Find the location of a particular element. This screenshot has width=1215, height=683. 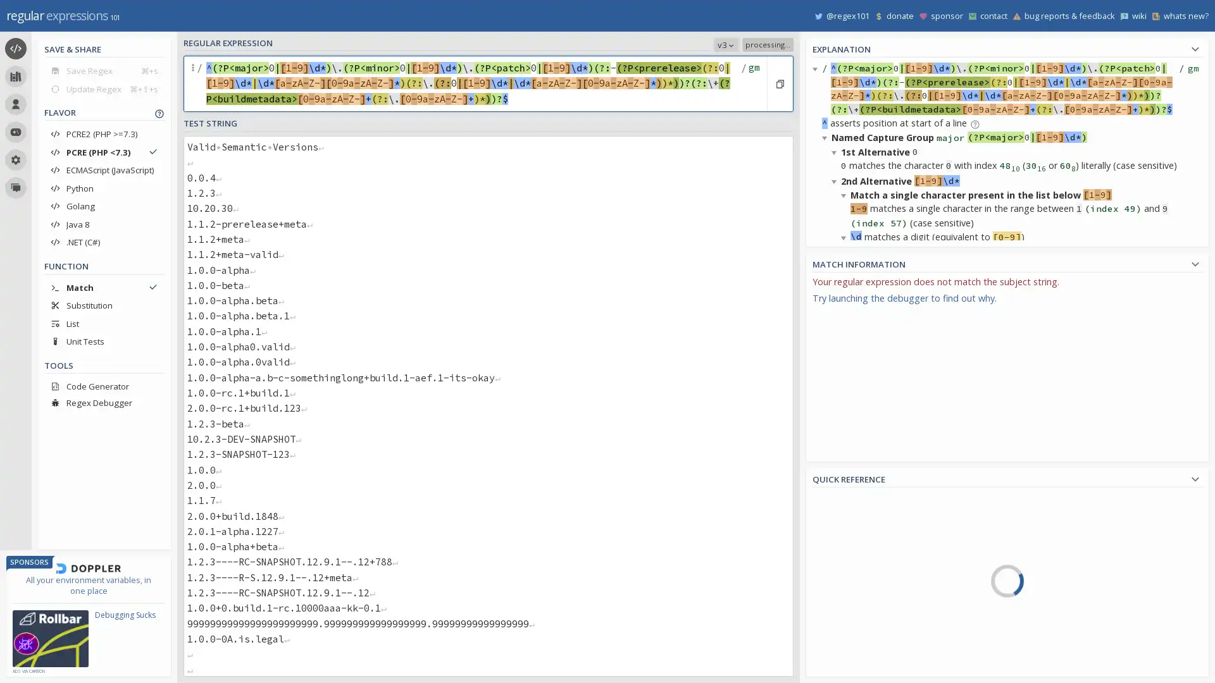

Match 3 is located at coordinates (846, 496).